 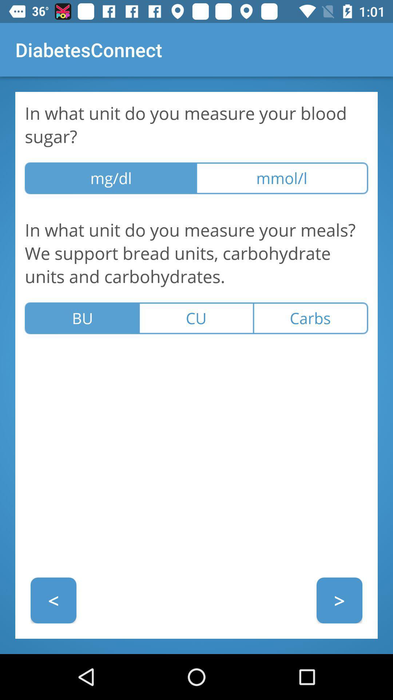 What do you see at coordinates (82, 318) in the screenshot?
I see `icon above the < item` at bounding box center [82, 318].